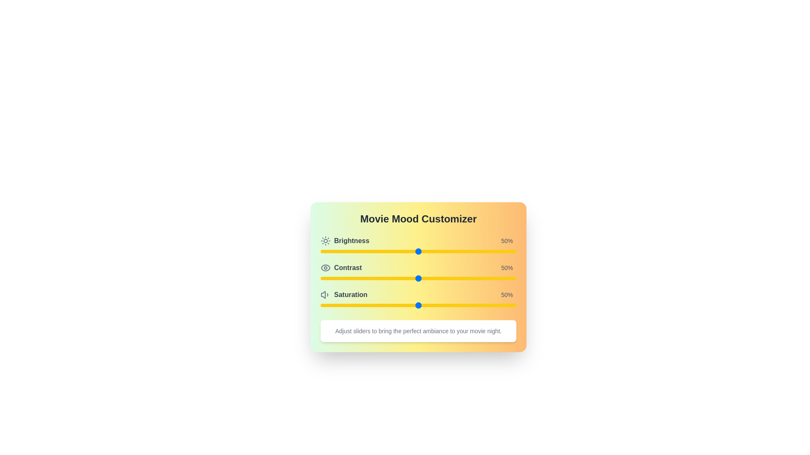 This screenshot has height=455, width=810. Describe the element at coordinates (434, 278) in the screenshot. I see `the contrast level` at that location.